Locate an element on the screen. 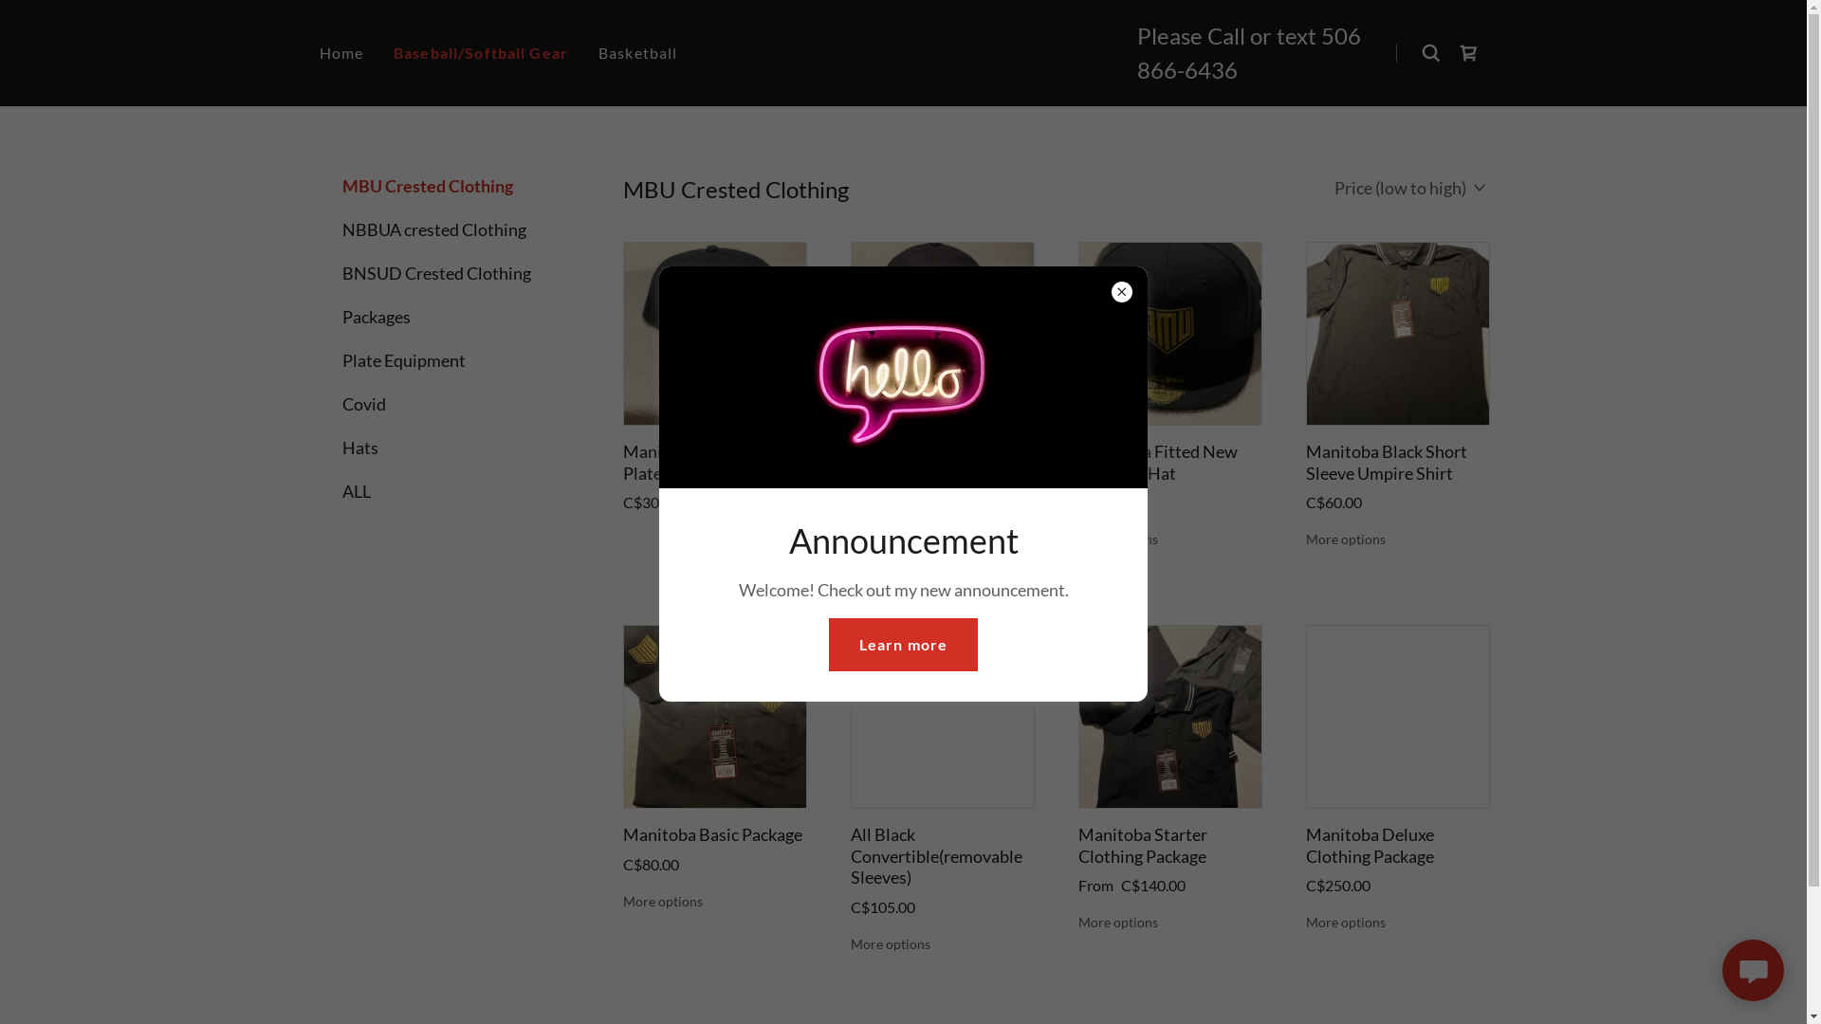  'Packages' is located at coordinates (446, 316).